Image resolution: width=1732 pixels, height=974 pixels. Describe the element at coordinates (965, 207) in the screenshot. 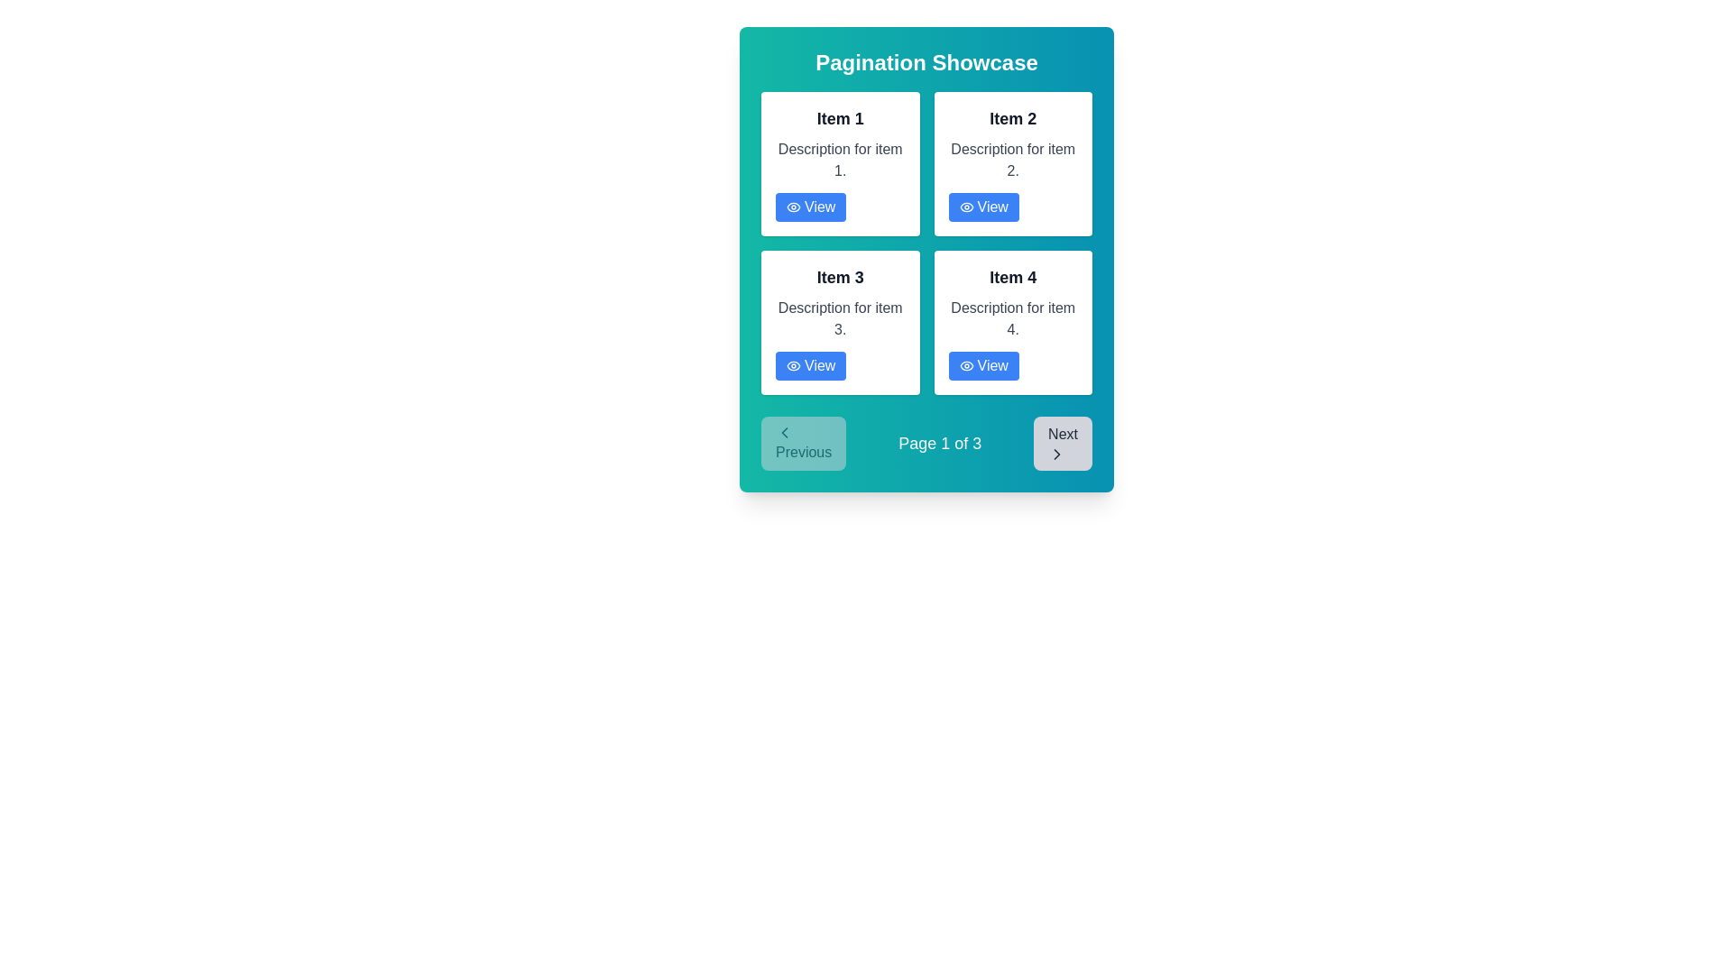

I see `the 'View' button containing the icon for inspecting details related to 'Item 2'` at that location.